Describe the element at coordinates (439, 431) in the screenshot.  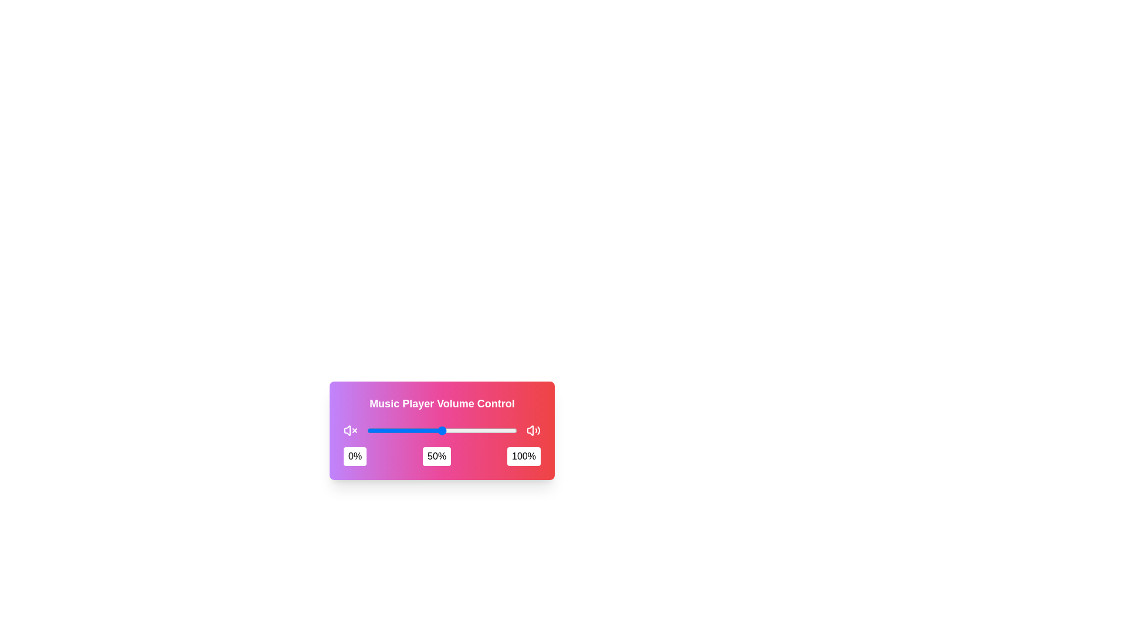
I see `the slider to set the volume to 49%` at that location.